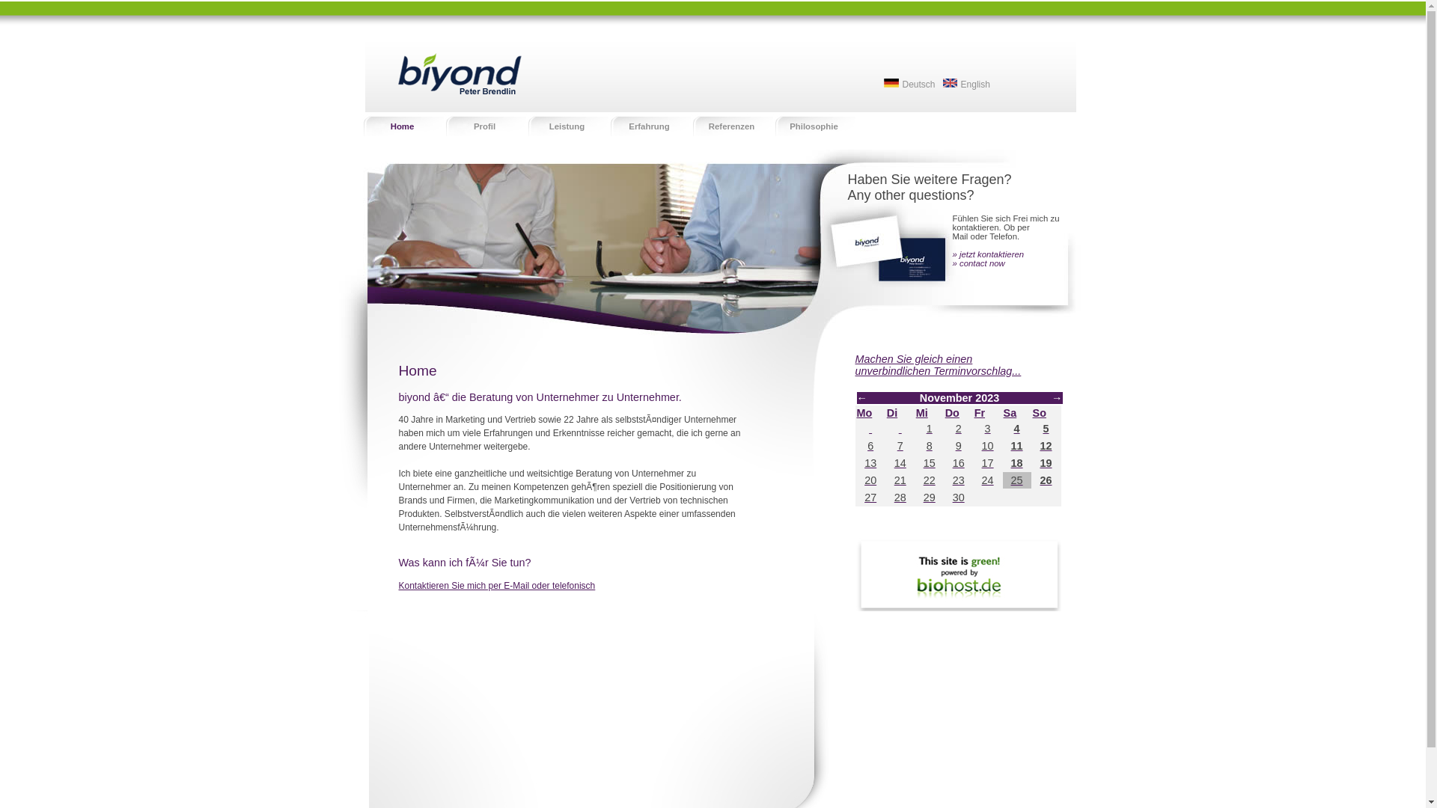  Describe the element at coordinates (731, 123) in the screenshot. I see `'Referenzen'` at that location.